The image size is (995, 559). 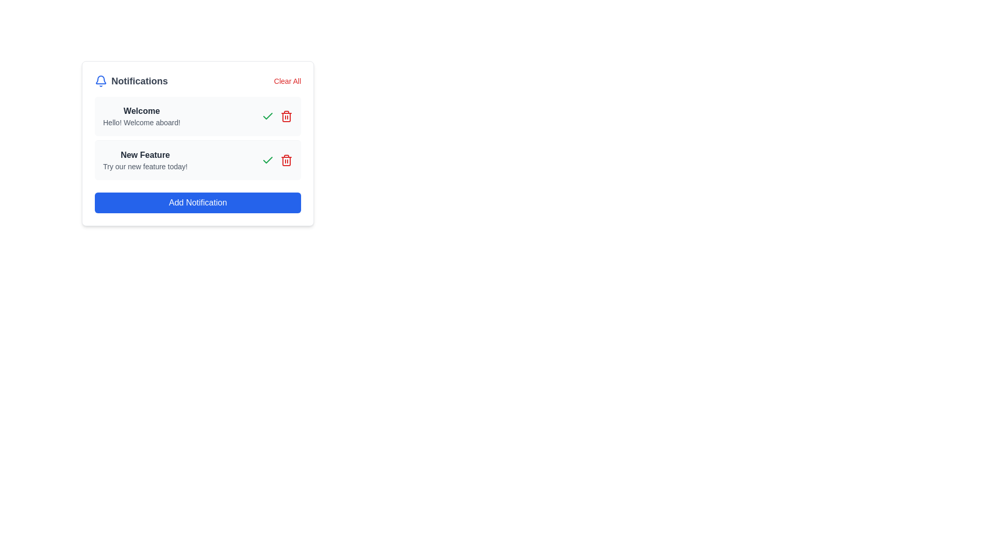 What do you see at coordinates (268, 116) in the screenshot?
I see `the green checkmark icon associated with the 'New Feature' notification entry, located on the right-hand side of the notification text` at bounding box center [268, 116].